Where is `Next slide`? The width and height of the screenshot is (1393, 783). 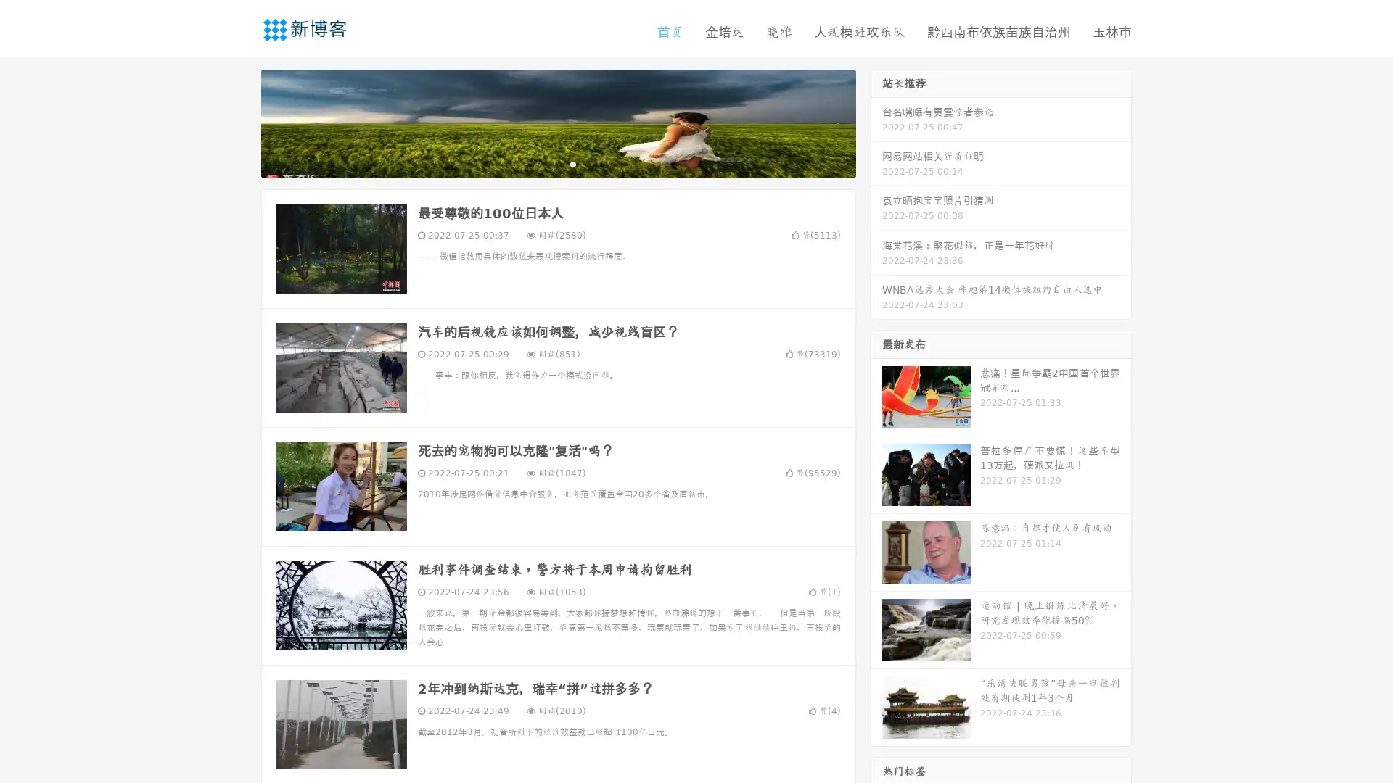 Next slide is located at coordinates (876, 122).